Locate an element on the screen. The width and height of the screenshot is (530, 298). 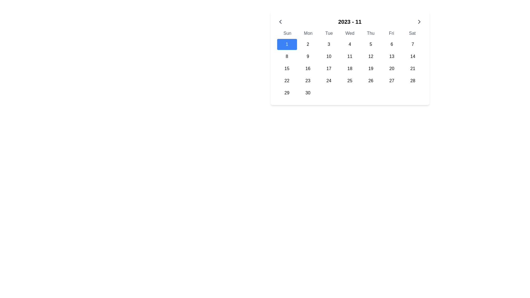
the button representing the calendar day number '13' located in the second row, sixth column under the header 'Fri' is located at coordinates (391, 56).